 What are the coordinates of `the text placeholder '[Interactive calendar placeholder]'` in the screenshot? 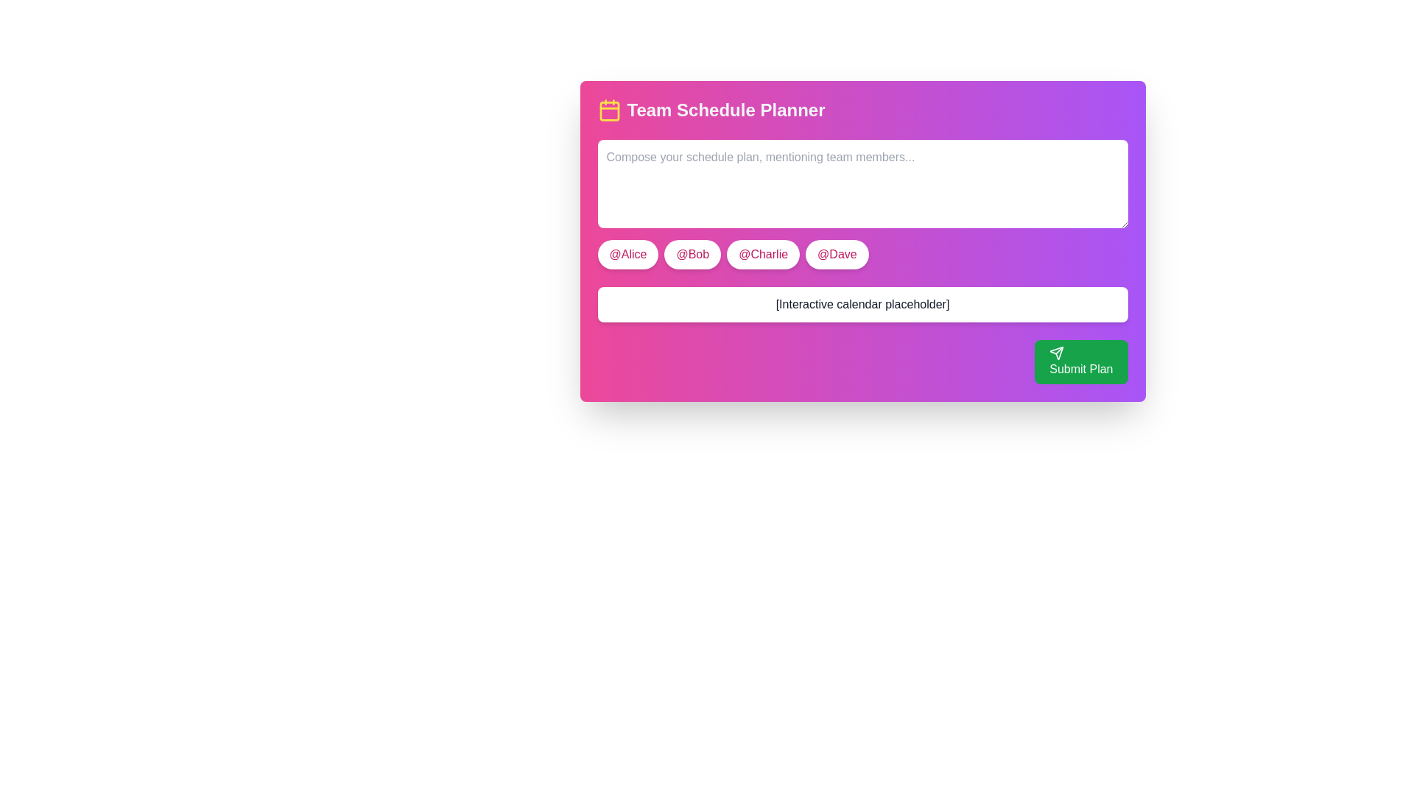 It's located at (862, 303).